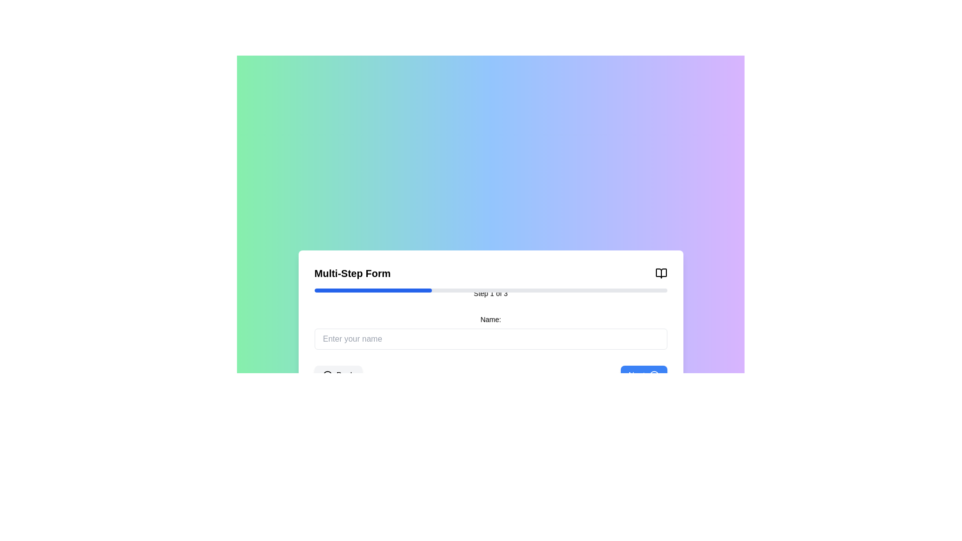  I want to click on the SVG Circle icon that represents a backward or undo action, located at the bottom-left of the content area, so click(327, 375).